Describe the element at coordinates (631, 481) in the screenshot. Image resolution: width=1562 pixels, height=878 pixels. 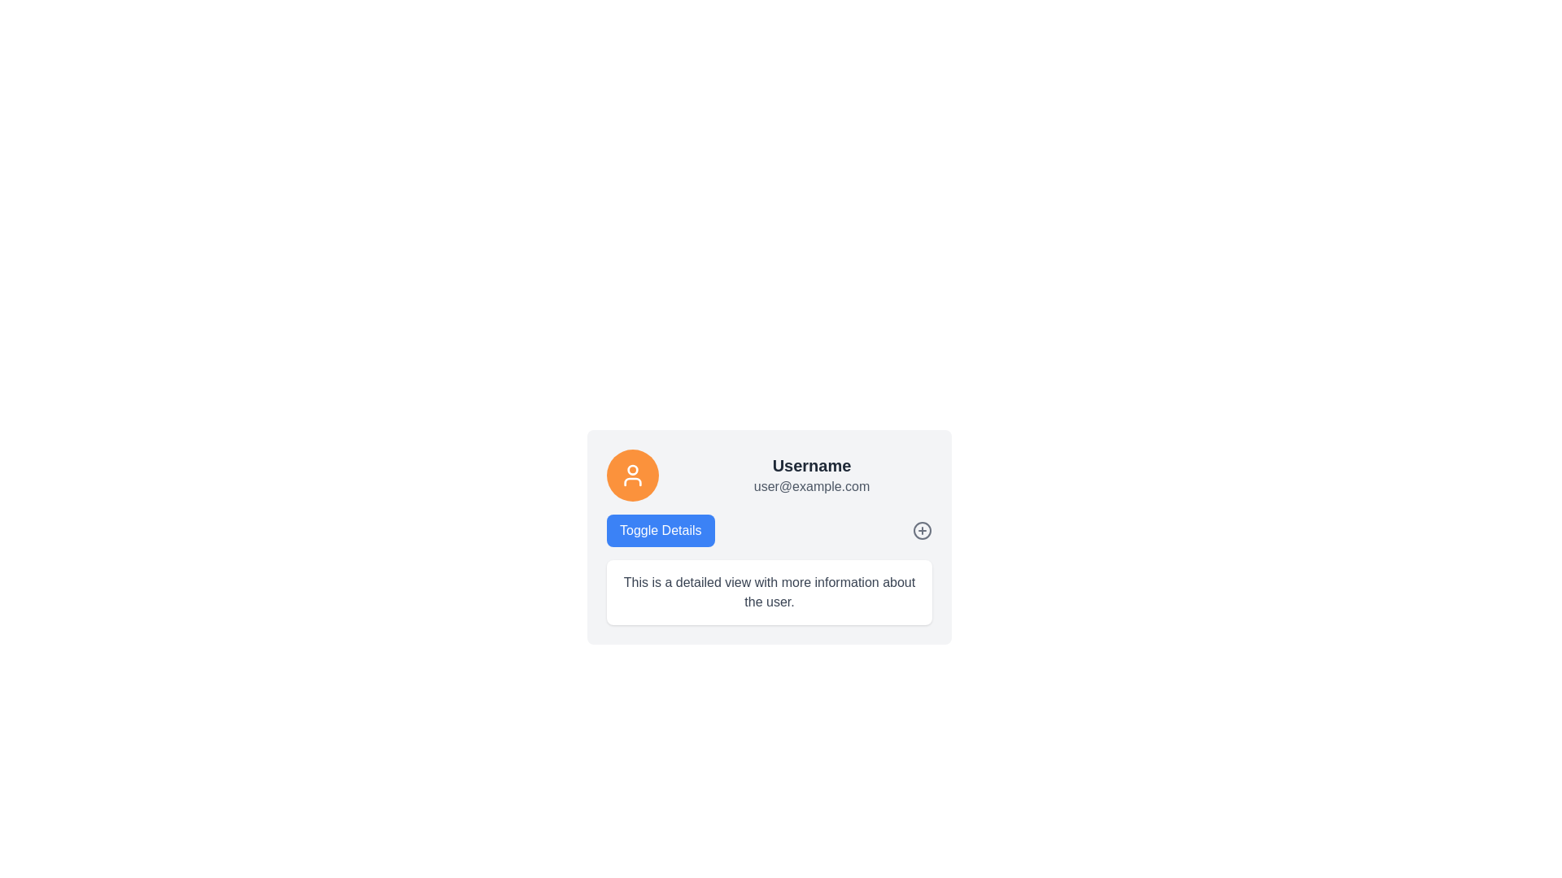
I see `the lower part of the user icon within the circular avatar at the top-left area of the user information card` at that location.